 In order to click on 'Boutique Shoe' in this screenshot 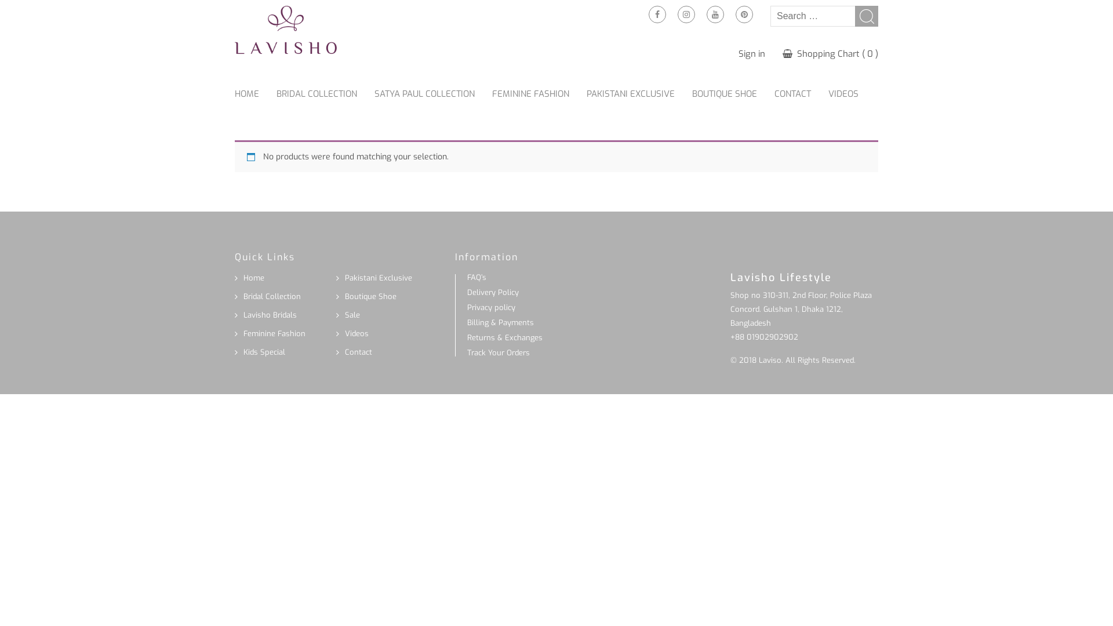, I will do `click(370, 296)`.